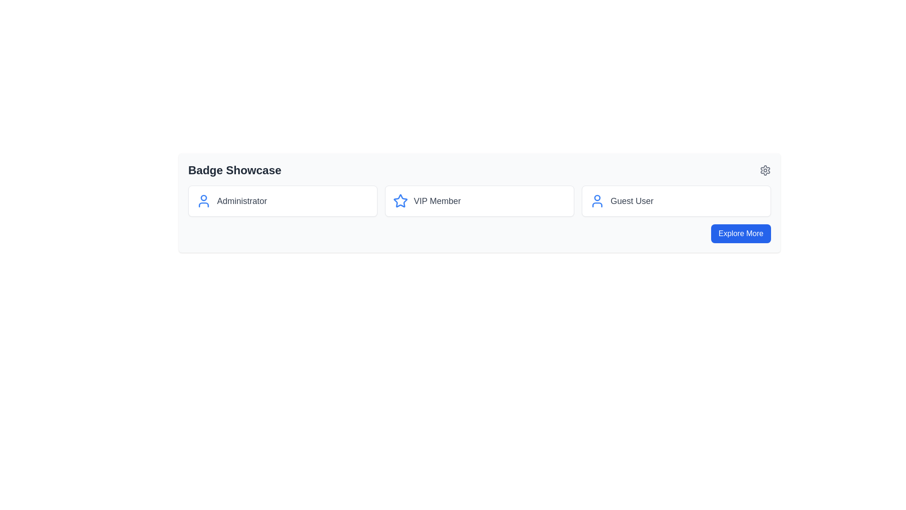  Describe the element at coordinates (401, 200) in the screenshot. I see `the blue outlined five-point star icon located next to the text 'VIP Member' by moving the cursor to its center` at that location.